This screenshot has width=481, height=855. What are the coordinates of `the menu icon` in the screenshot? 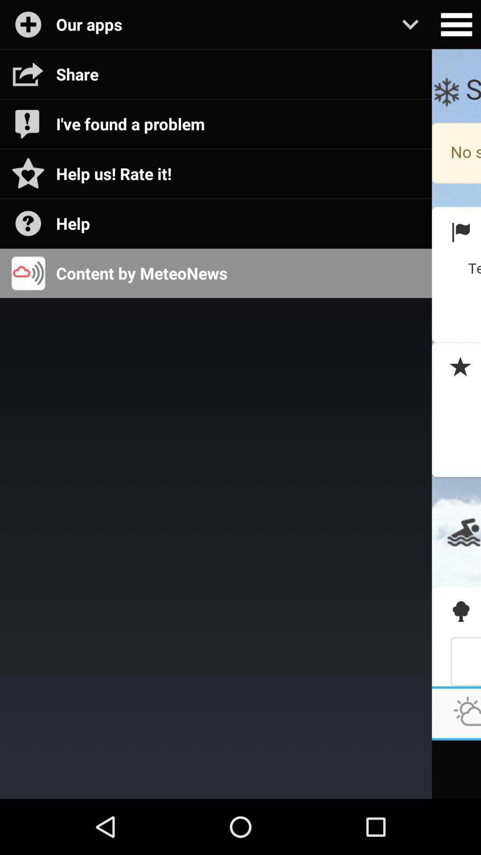 It's located at (456, 26).